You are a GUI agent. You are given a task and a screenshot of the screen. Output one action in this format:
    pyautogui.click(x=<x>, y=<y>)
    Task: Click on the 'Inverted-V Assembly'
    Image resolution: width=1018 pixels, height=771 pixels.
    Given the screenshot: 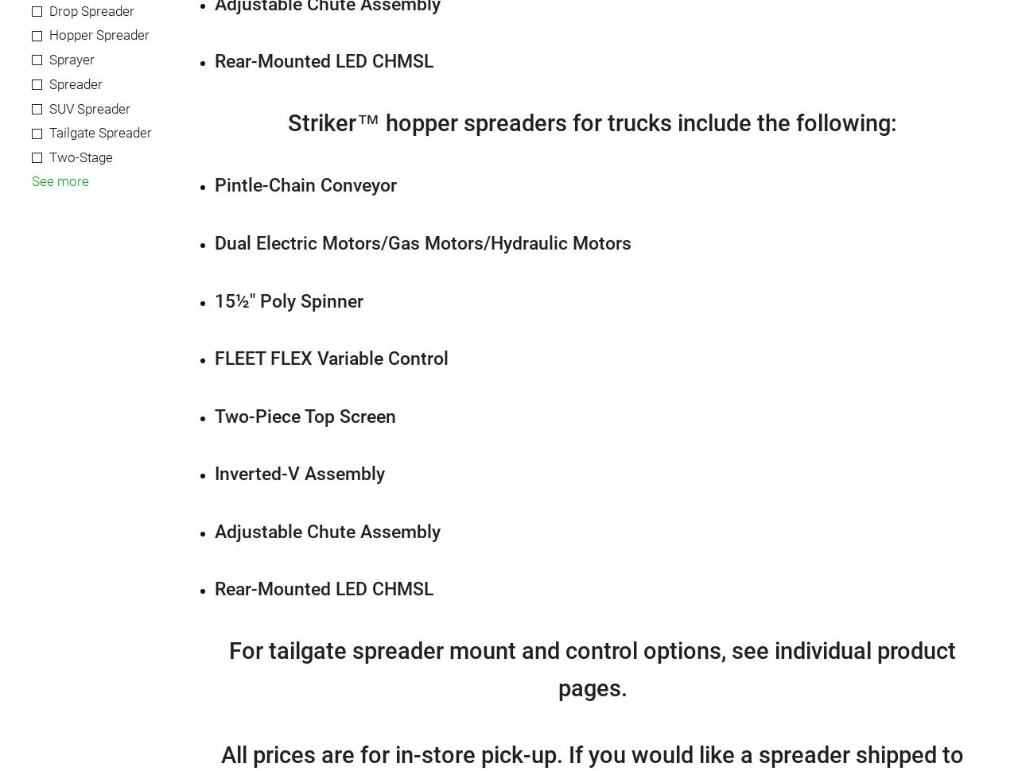 What is the action you would take?
    pyautogui.click(x=213, y=473)
    